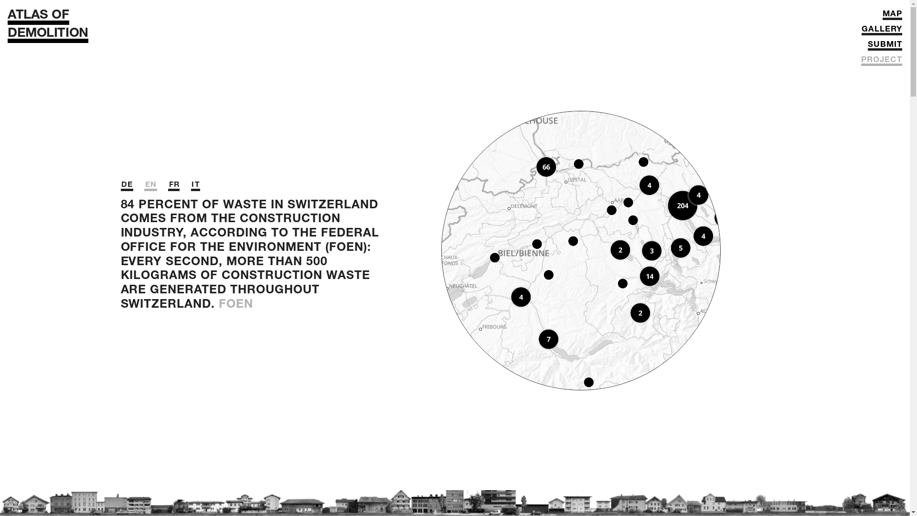 The width and height of the screenshot is (917, 516). Describe the element at coordinates (884, 46) in the screenshot. I see `'SUBMIT'` at that location.